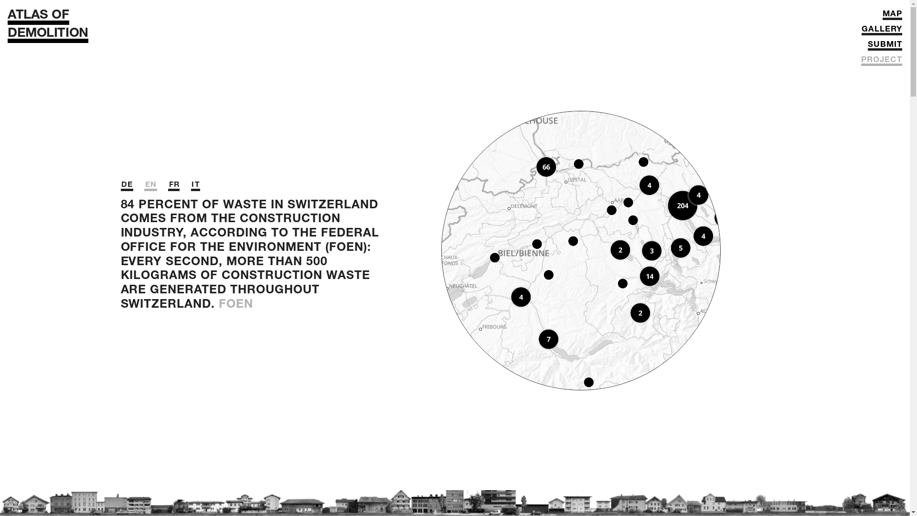 The width and height of the screenshot is (917, 516). Describe the element at coordinates (884, 46) in the screenshot. I see `'SUBMIT'` at that location.